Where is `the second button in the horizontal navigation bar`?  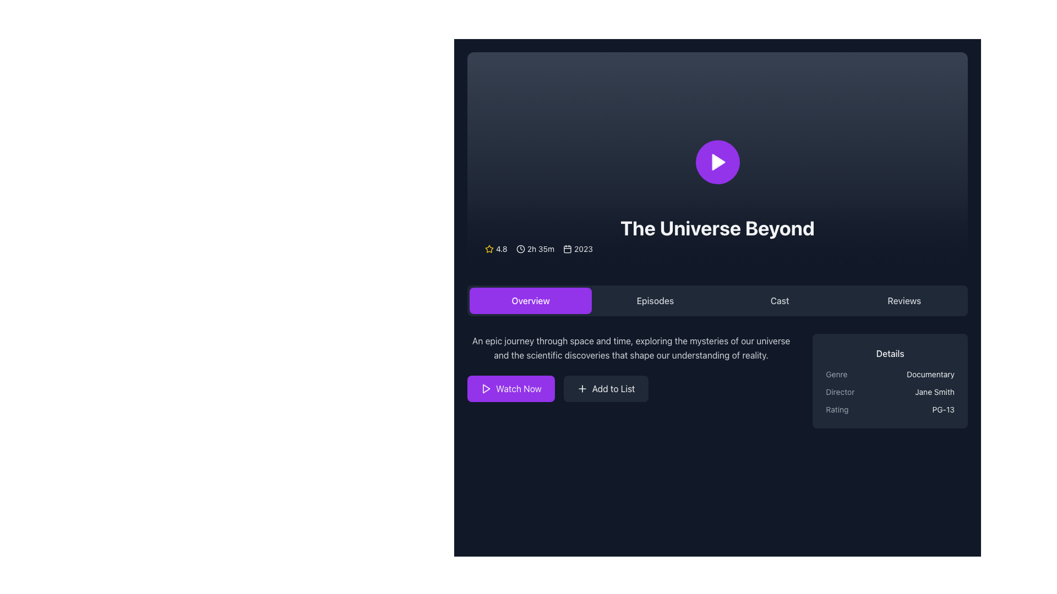 the second button in the horizontal navigation bar is located at coordinates (655, 301).